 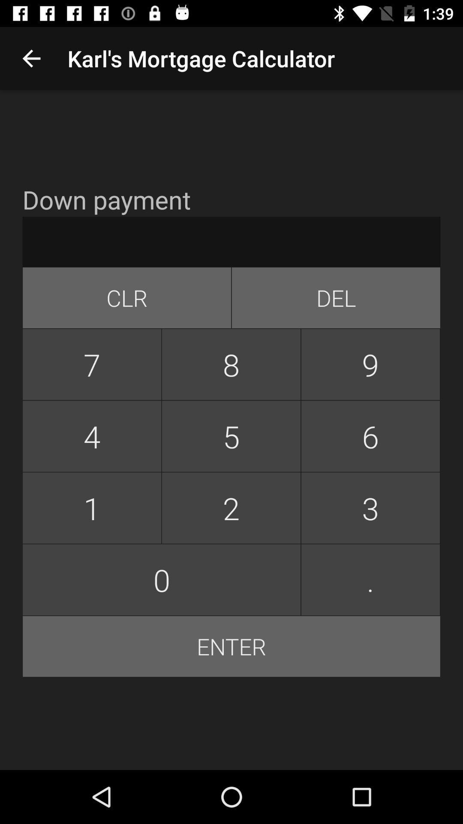 I want to click on app above down payment app, so click(x=31, y=58).